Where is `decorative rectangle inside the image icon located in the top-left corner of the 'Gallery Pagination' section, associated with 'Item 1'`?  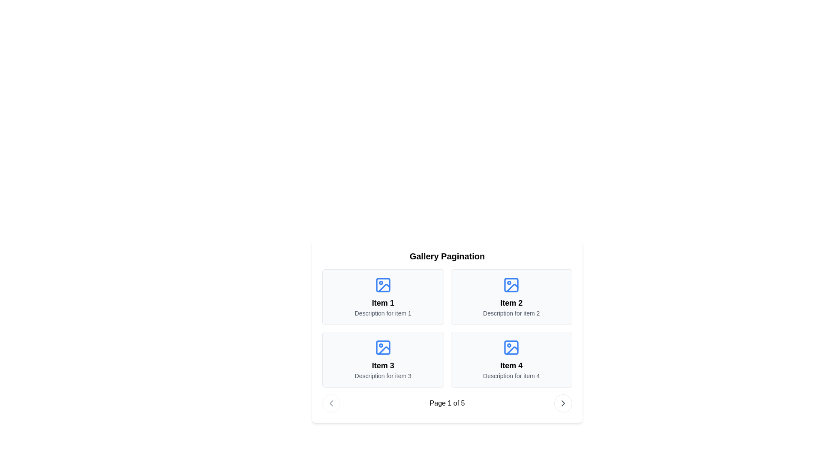
decorative rectangle inside the image icon located in the top-left corner of the 'Gallery Pagination' section, associated with 'Item 1' is located at coordinates (382, 285).